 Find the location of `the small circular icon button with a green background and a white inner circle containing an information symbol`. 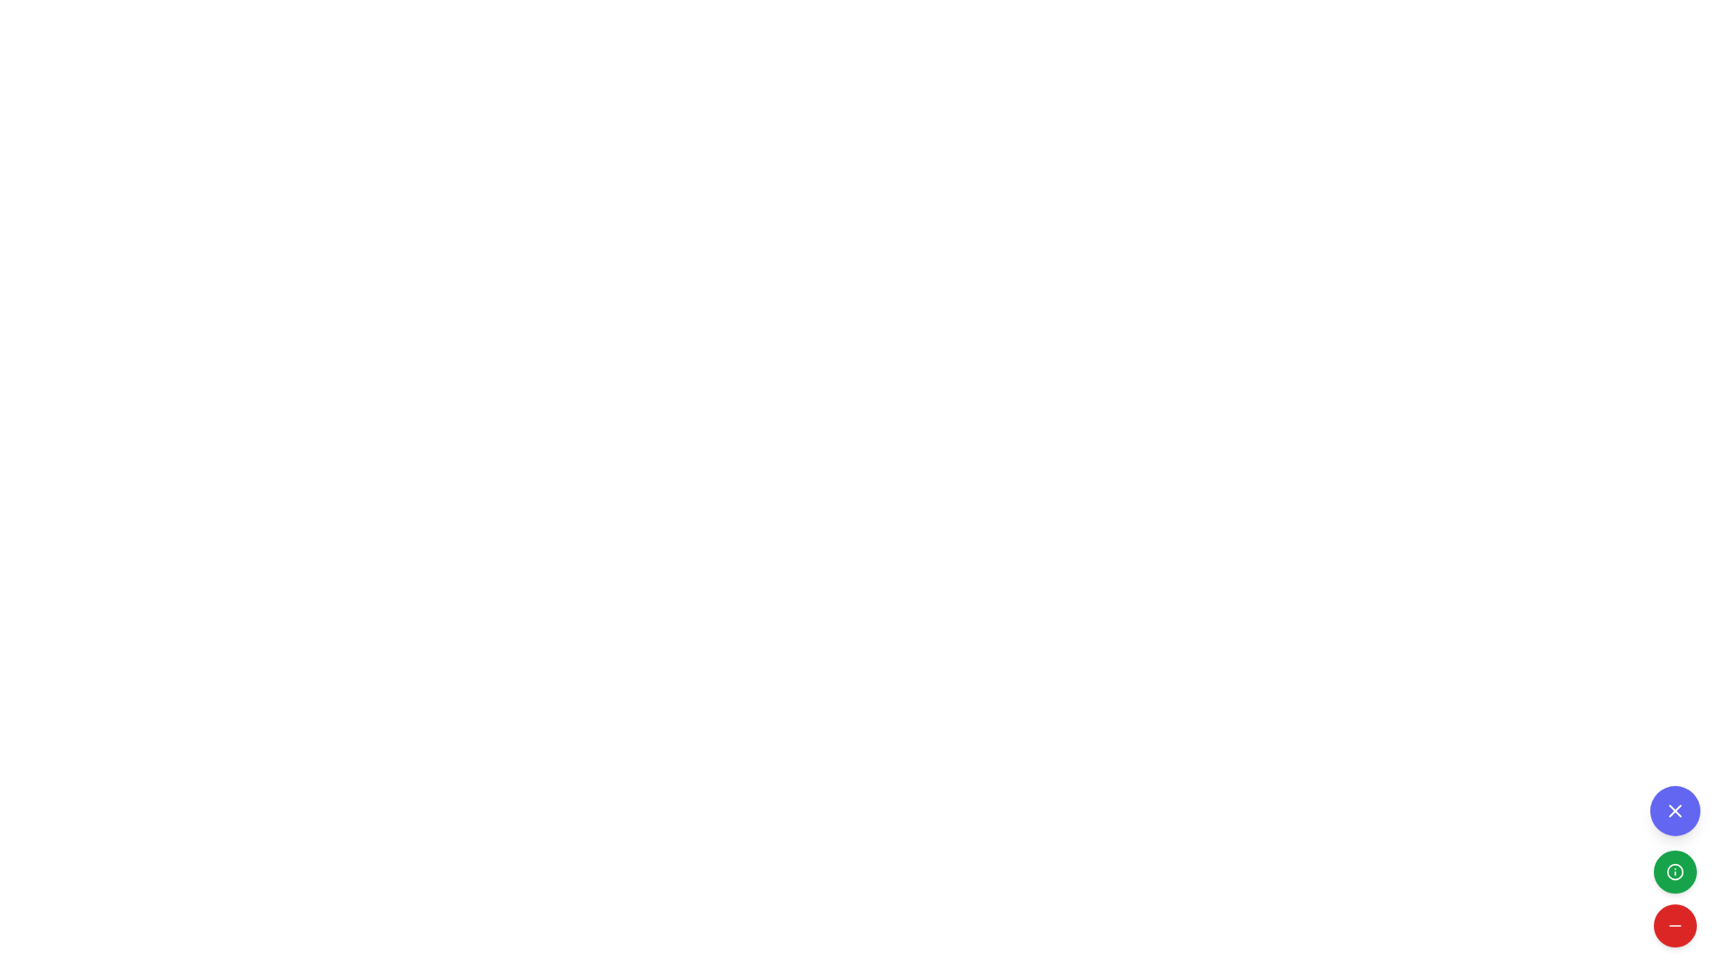

the small circular icon button with a green background and a white inner circle containing an information symbol is located at coordinates (1674, 871).